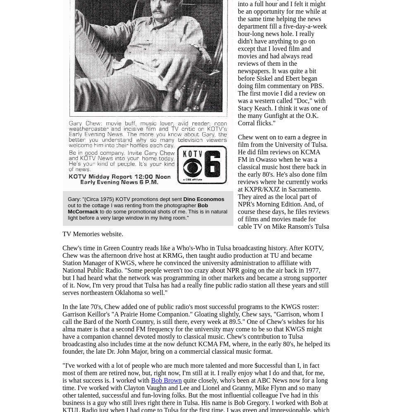 The width and height of the screenshot is (393, 412). Describe the element at coordinates (67, 205) in the screenshot. I see `'out to the cottage I was renting from the photographer'` at that location.